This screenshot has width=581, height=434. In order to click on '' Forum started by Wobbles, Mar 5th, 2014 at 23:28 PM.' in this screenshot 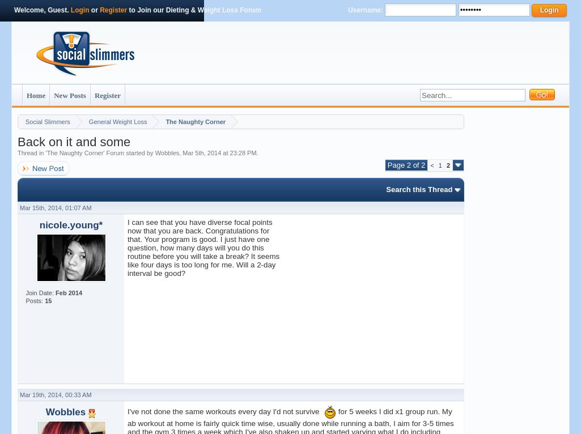, I will do `click(180, 153)`.